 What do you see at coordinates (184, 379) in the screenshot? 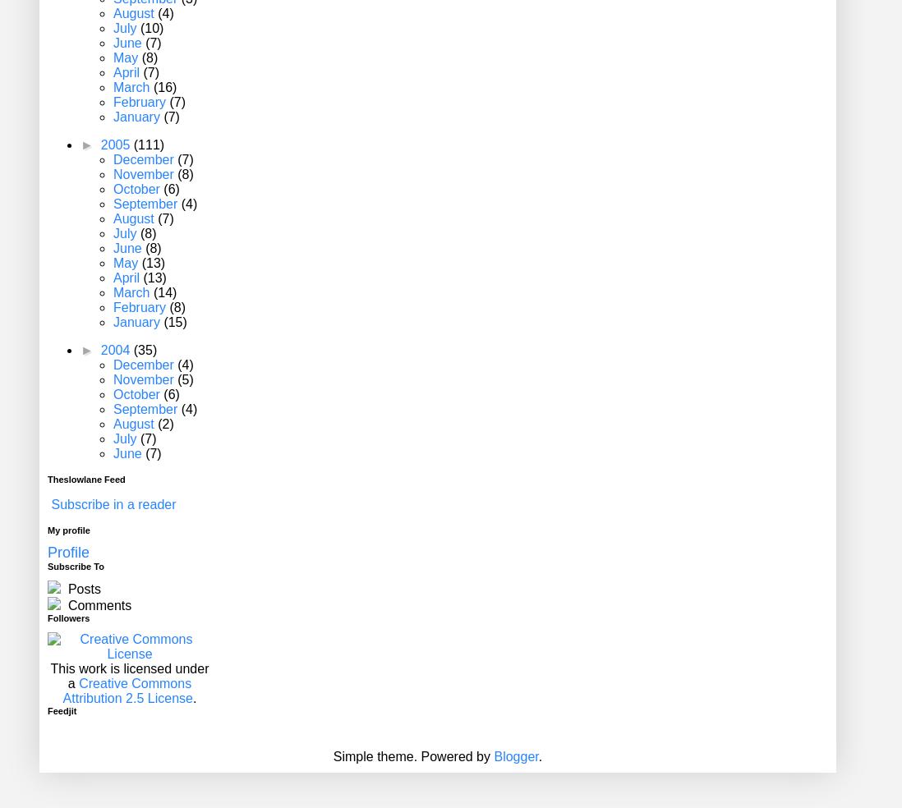
I see `'(5)'` at bounding box center [184, 379].